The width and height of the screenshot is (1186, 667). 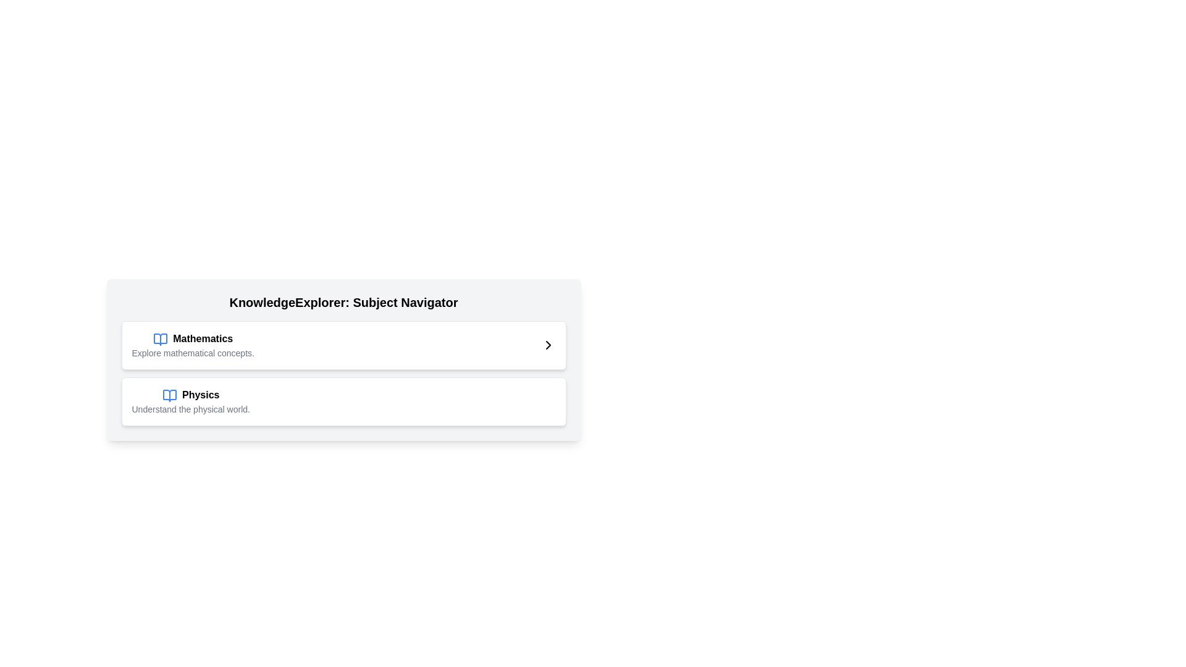 I want to click on the navigation icon located on the far right of the 'Mathematics' subject item, so click(x=547, y=345).